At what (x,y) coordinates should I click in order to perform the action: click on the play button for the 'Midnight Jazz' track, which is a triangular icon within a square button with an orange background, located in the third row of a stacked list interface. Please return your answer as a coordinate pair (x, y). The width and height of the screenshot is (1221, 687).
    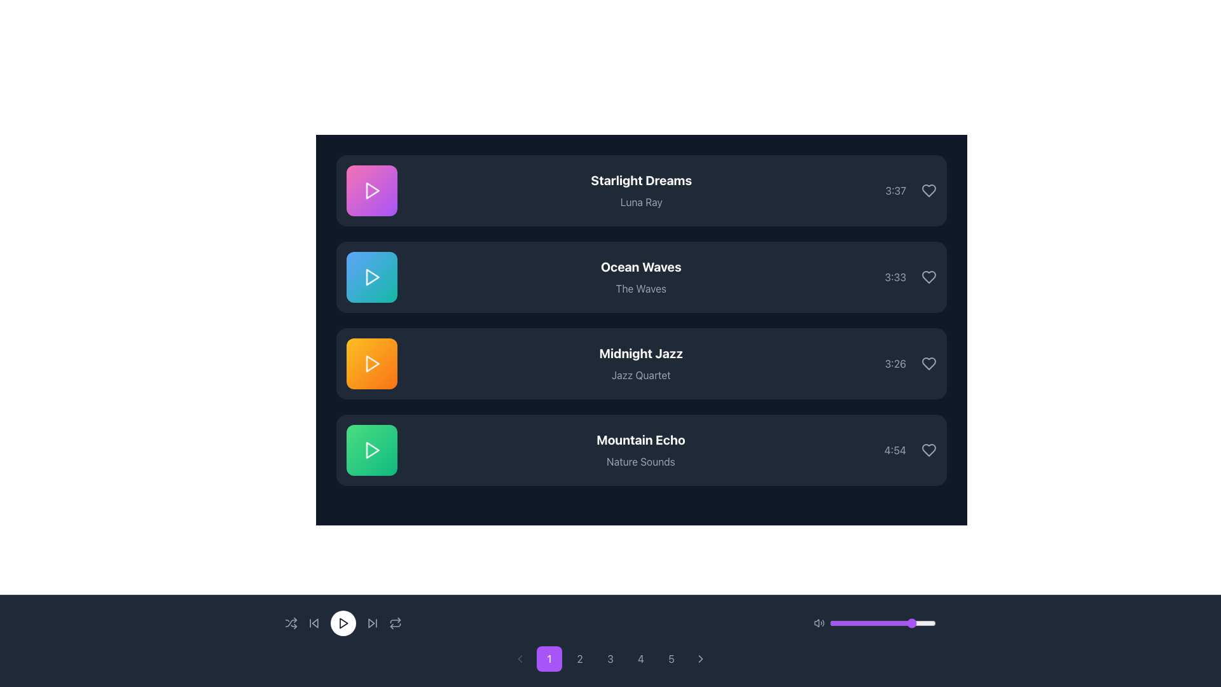
    Looking at the image, I should click on (372, 363).